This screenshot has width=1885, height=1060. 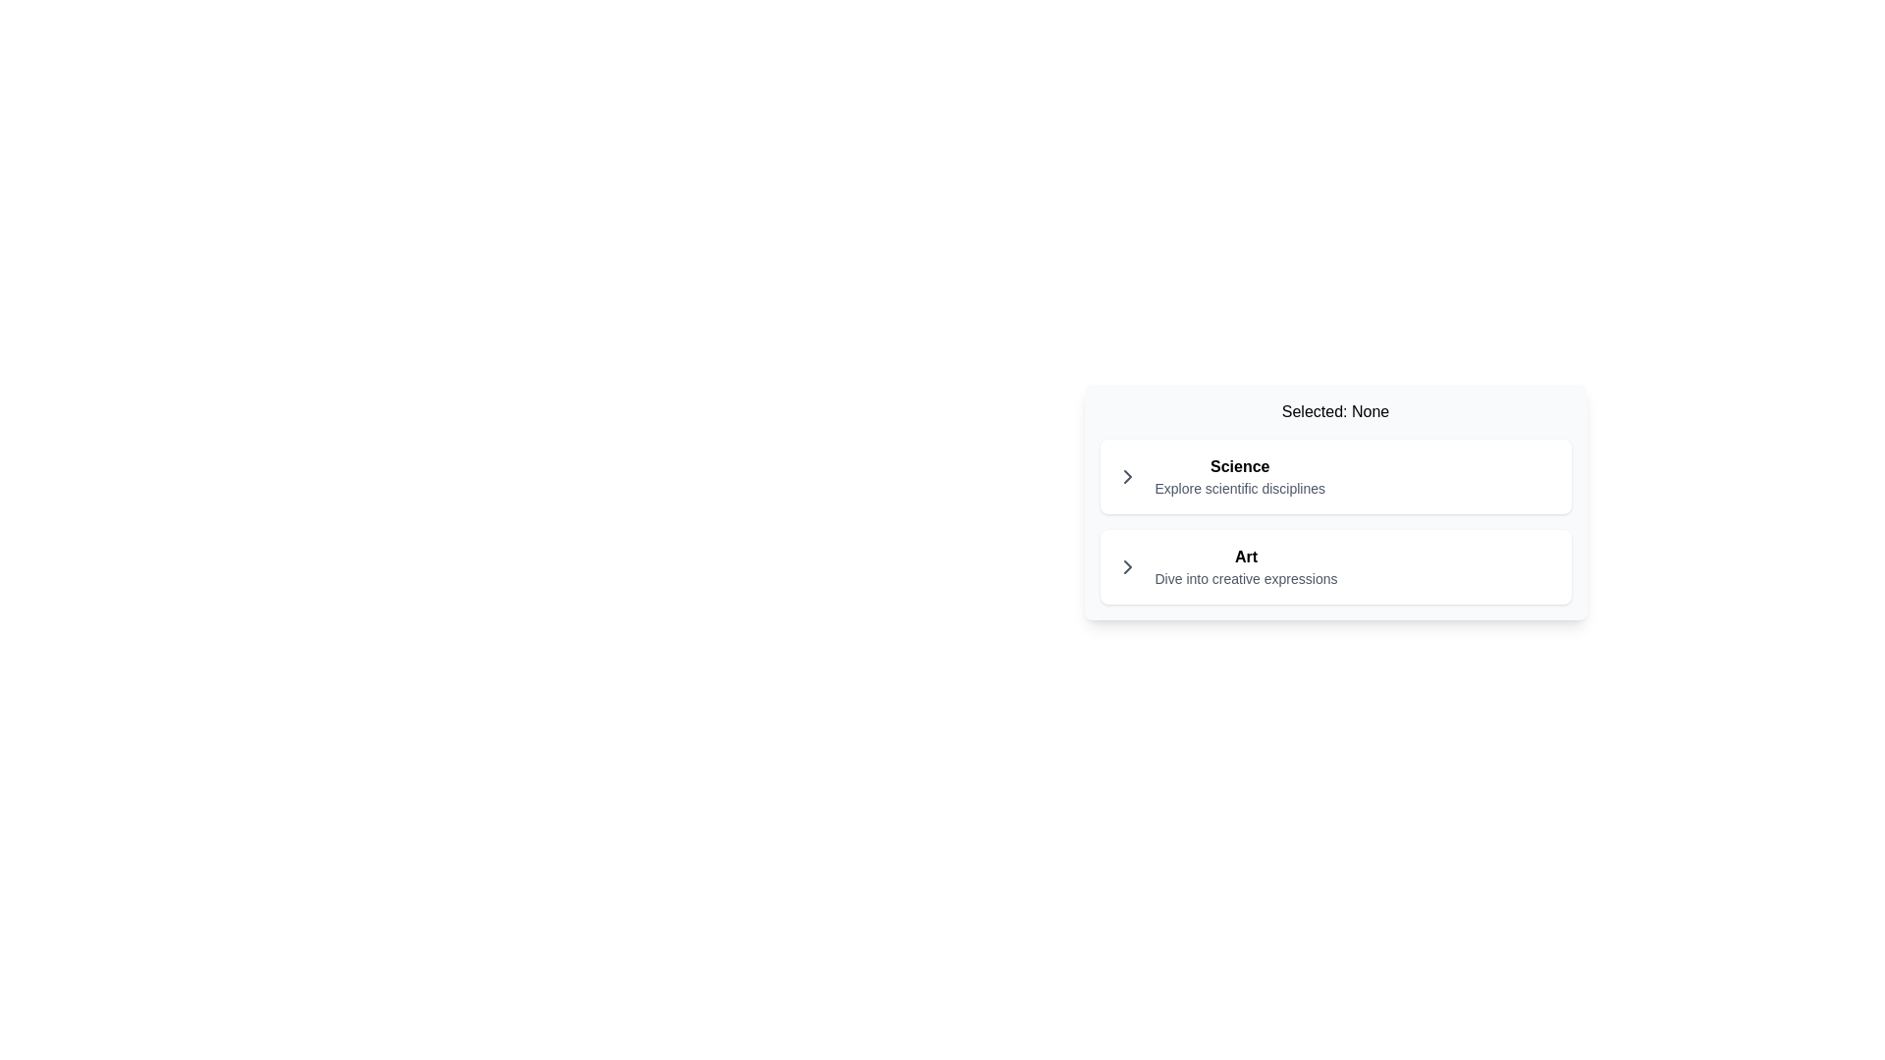 What do you see at coordinates (1245, 578) in the screenshot?
I see `the descriptive text element providing context for the 'Art' category` at bounding box center [1245, 578].